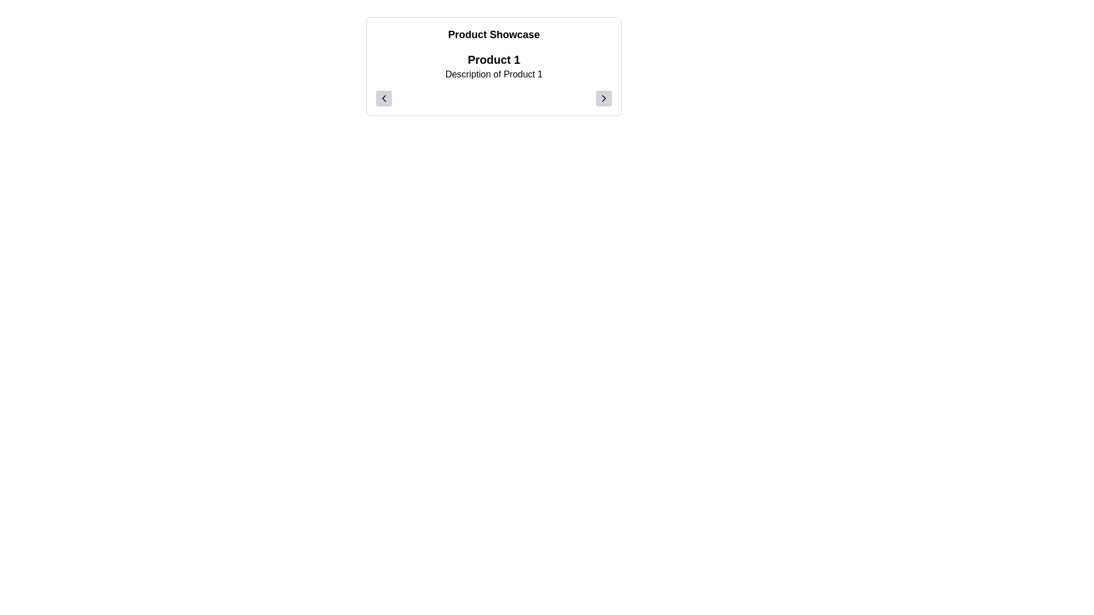  I want to click on the small, square-shaped button with a light gray background and a black left-pointing chevron icon, so click(383, 98).